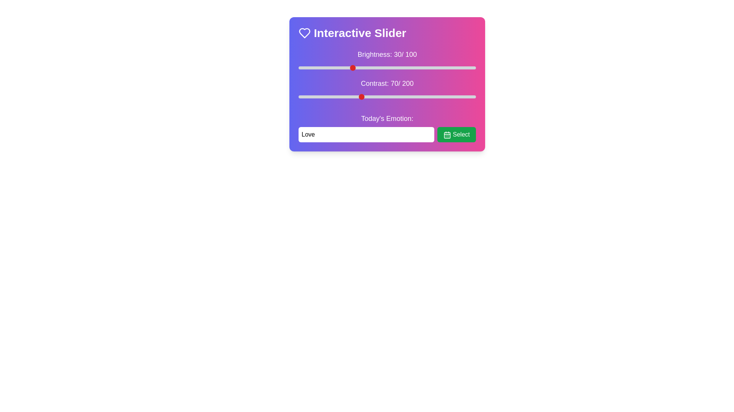  Describe the element at coordinates (348, 67) in the screenshot. I see `the brightness slider to 28%` at that location.